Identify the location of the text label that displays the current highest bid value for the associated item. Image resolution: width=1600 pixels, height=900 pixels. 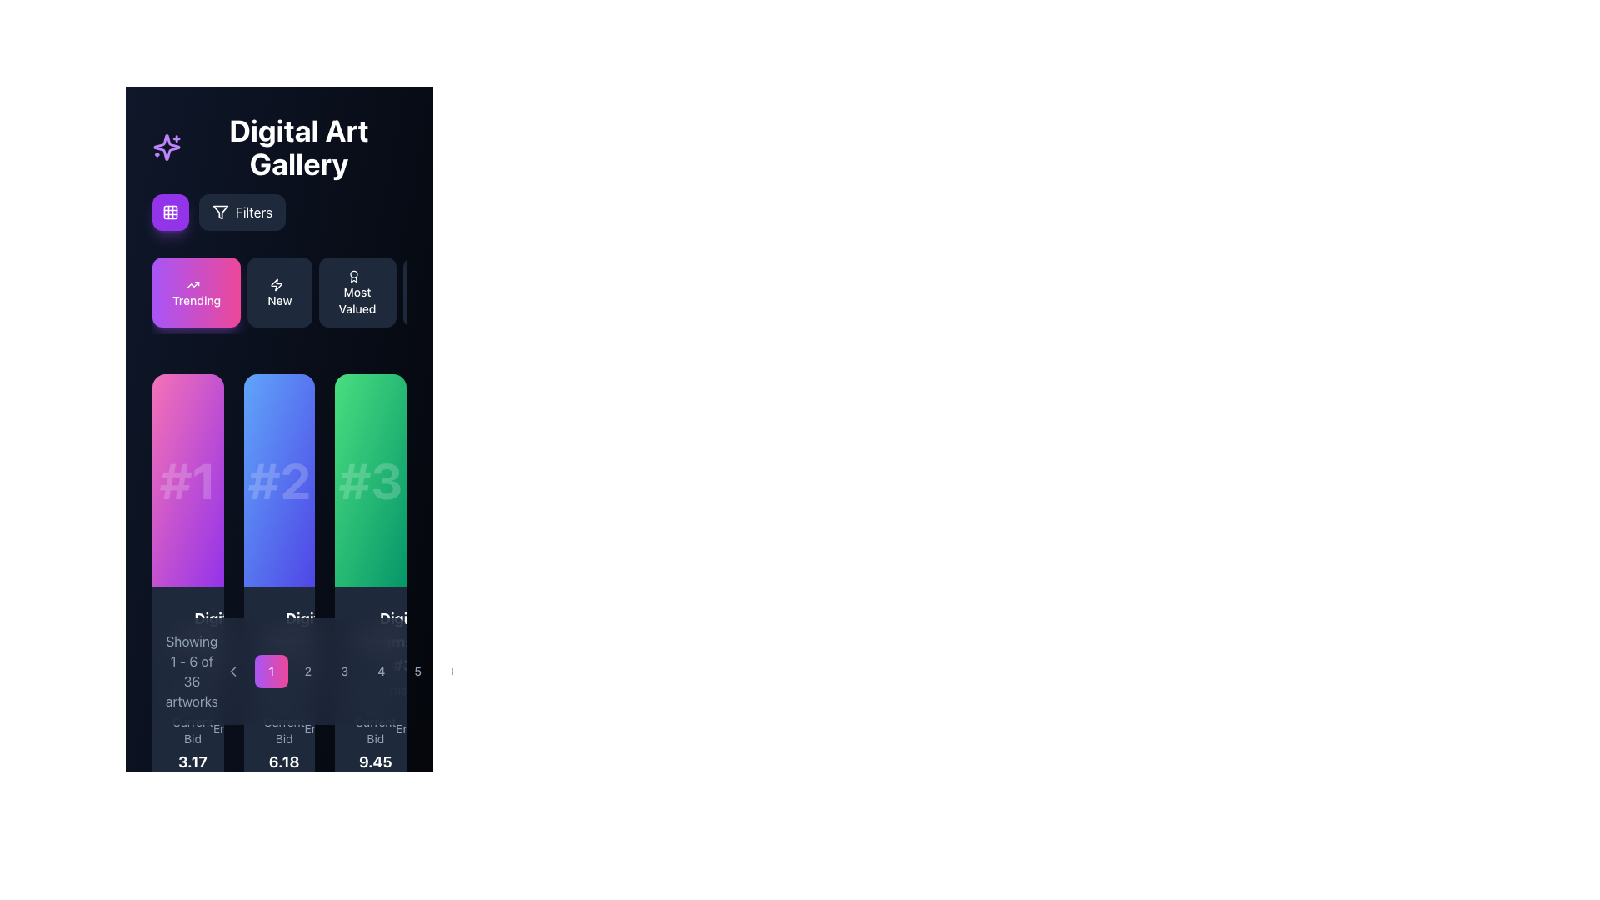
(370, 755).